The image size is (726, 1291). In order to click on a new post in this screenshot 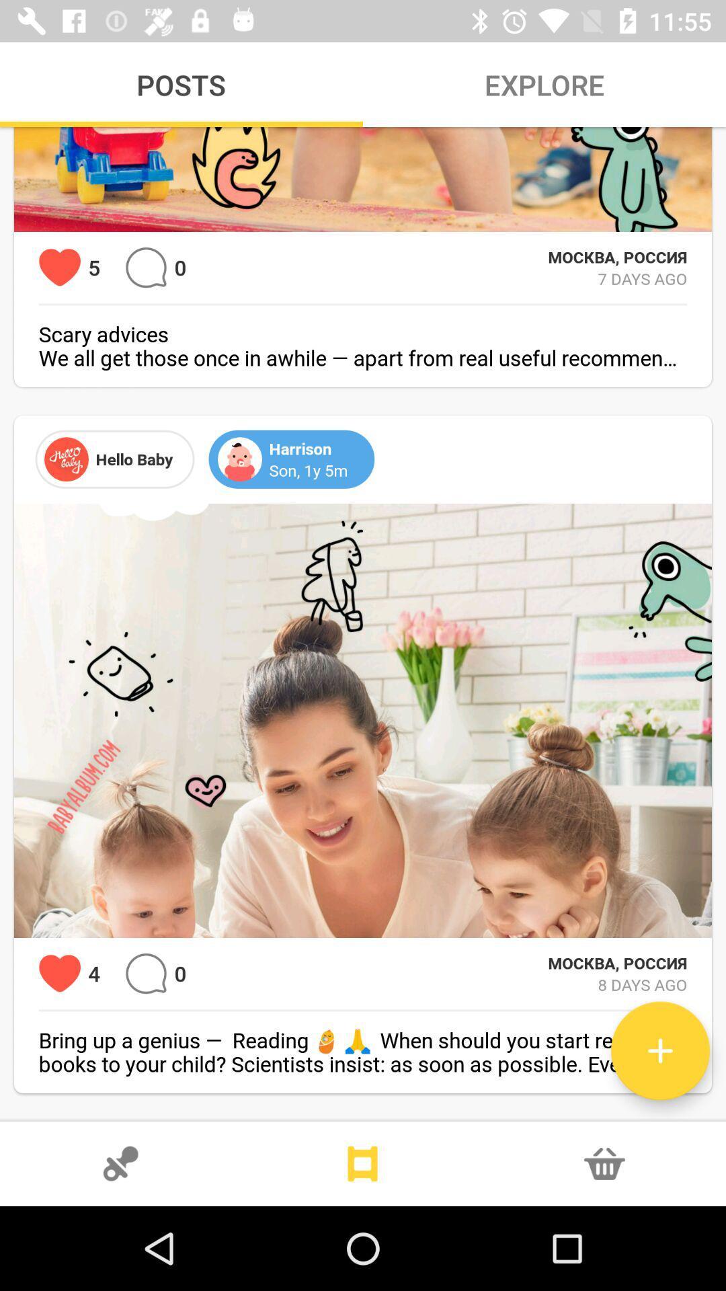, I will do `click(659, 1050)`.